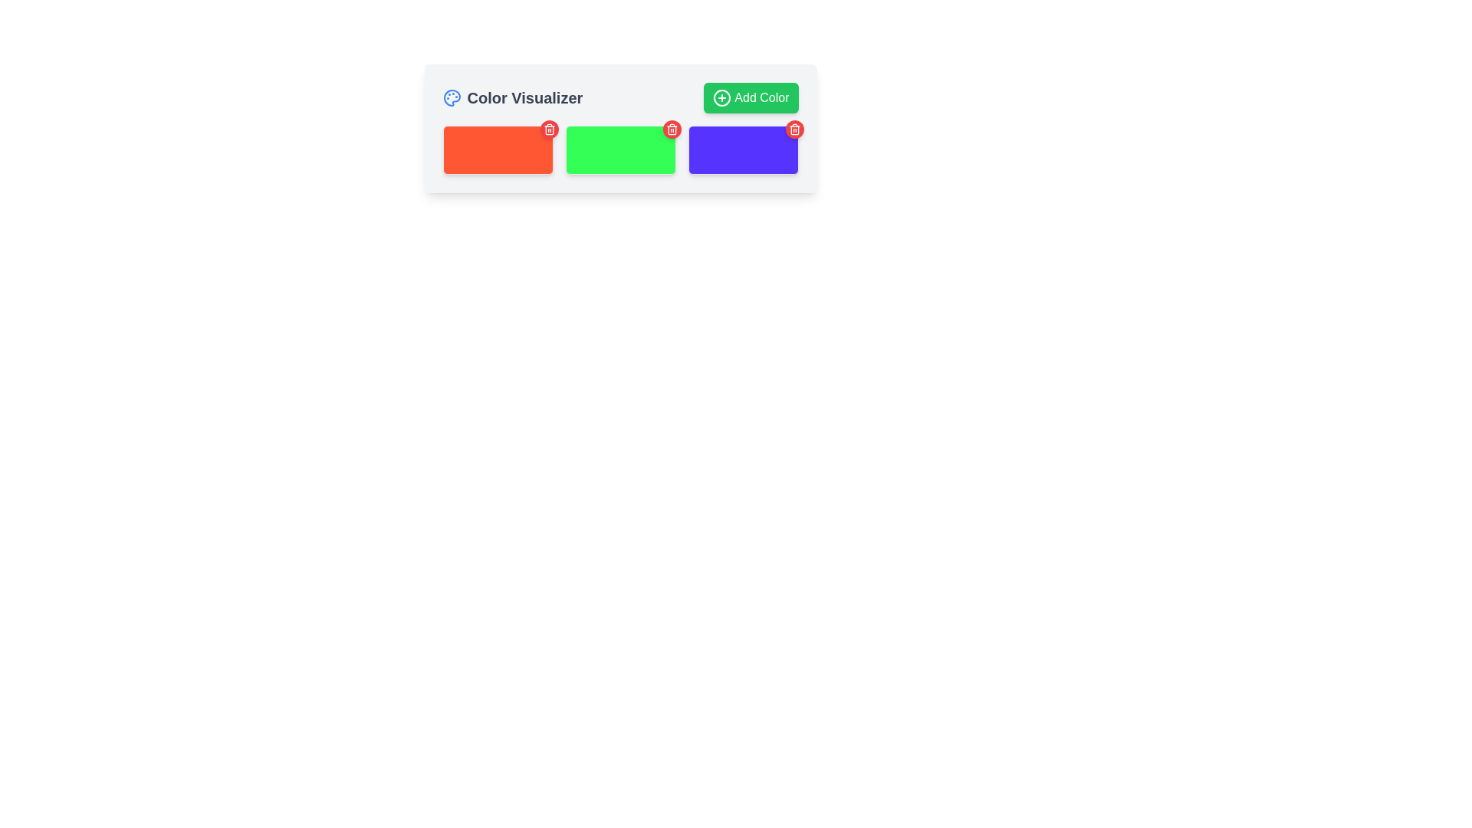 This screenshot has height=828, width=1472. What do you see at coordinates (794, 129) in the screenshot?
I see `the delete icon located at the top-right corner of the blue rectangle` at bounding box center [794, 129].